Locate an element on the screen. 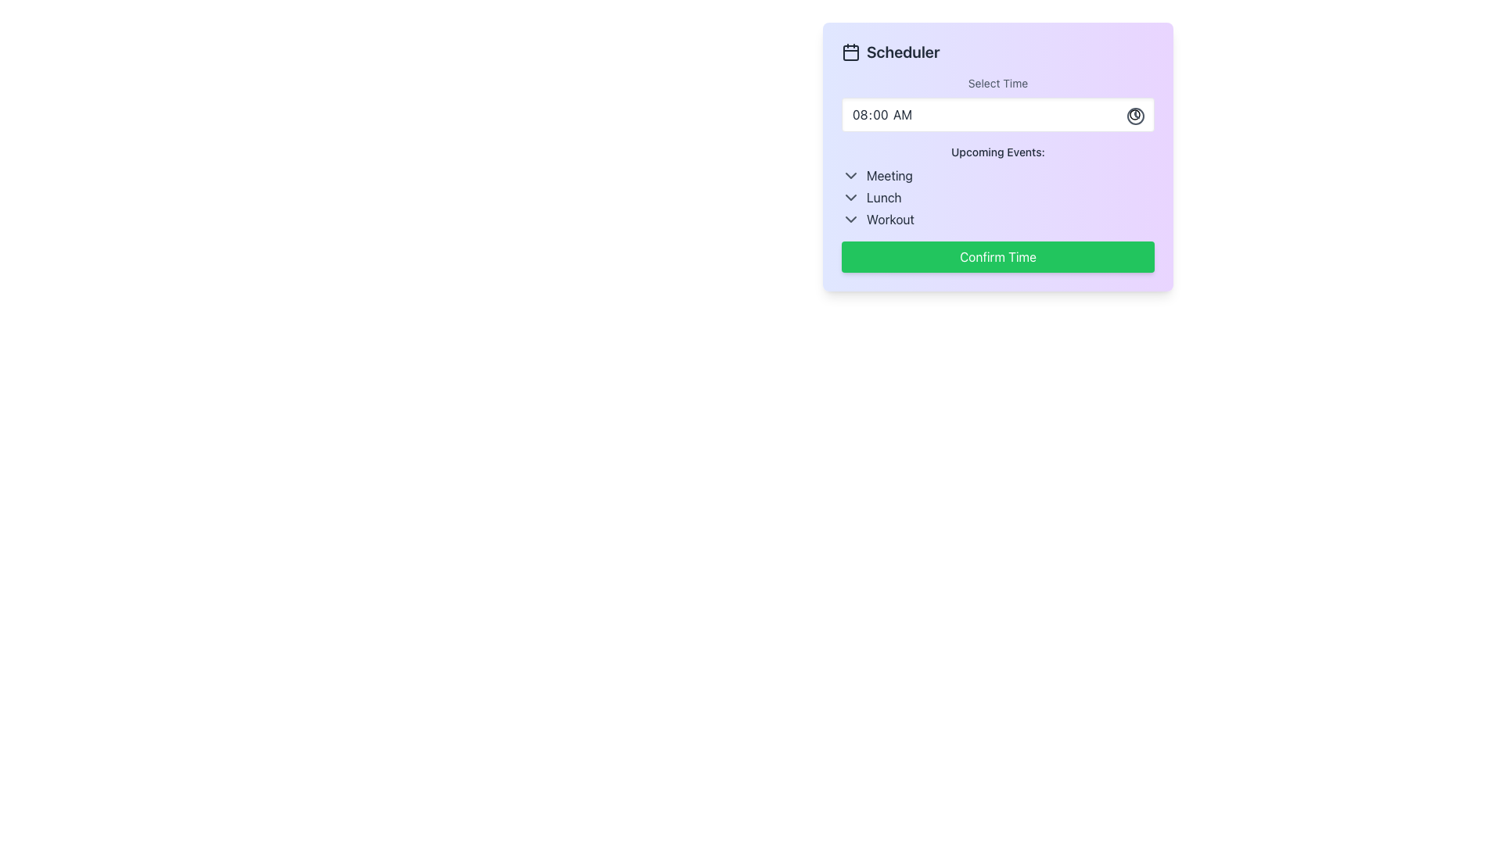 This screenshot has width=1502, height=844. the 'Upcoming Events:' block is located at coordinates (997, 186).